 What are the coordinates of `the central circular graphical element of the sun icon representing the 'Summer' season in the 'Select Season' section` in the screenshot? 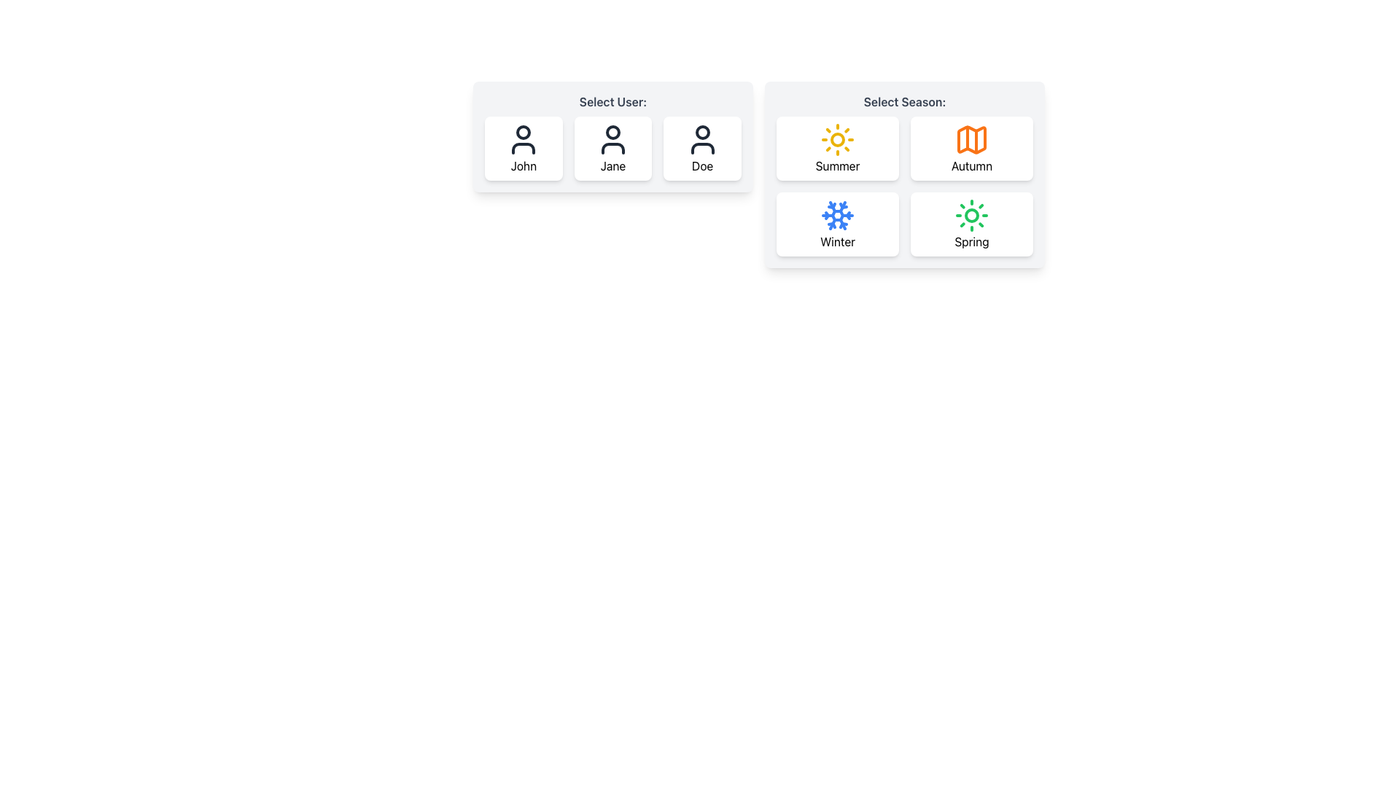 It's located at (837, 140).